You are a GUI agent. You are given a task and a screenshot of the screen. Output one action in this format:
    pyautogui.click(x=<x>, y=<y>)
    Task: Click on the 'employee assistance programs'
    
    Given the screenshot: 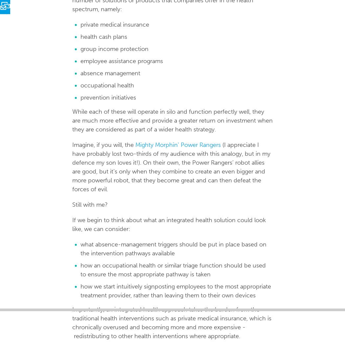 What is the action you would take?
    pyautogui.click(x=80, y=60)
    